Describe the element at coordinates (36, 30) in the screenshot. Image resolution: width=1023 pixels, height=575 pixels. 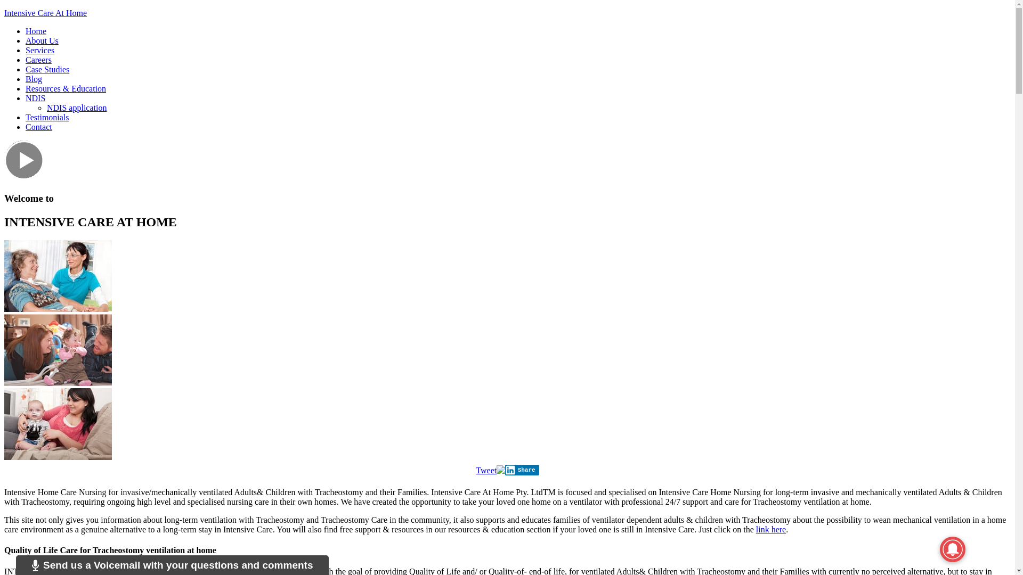
I see `'Home'` at that location.